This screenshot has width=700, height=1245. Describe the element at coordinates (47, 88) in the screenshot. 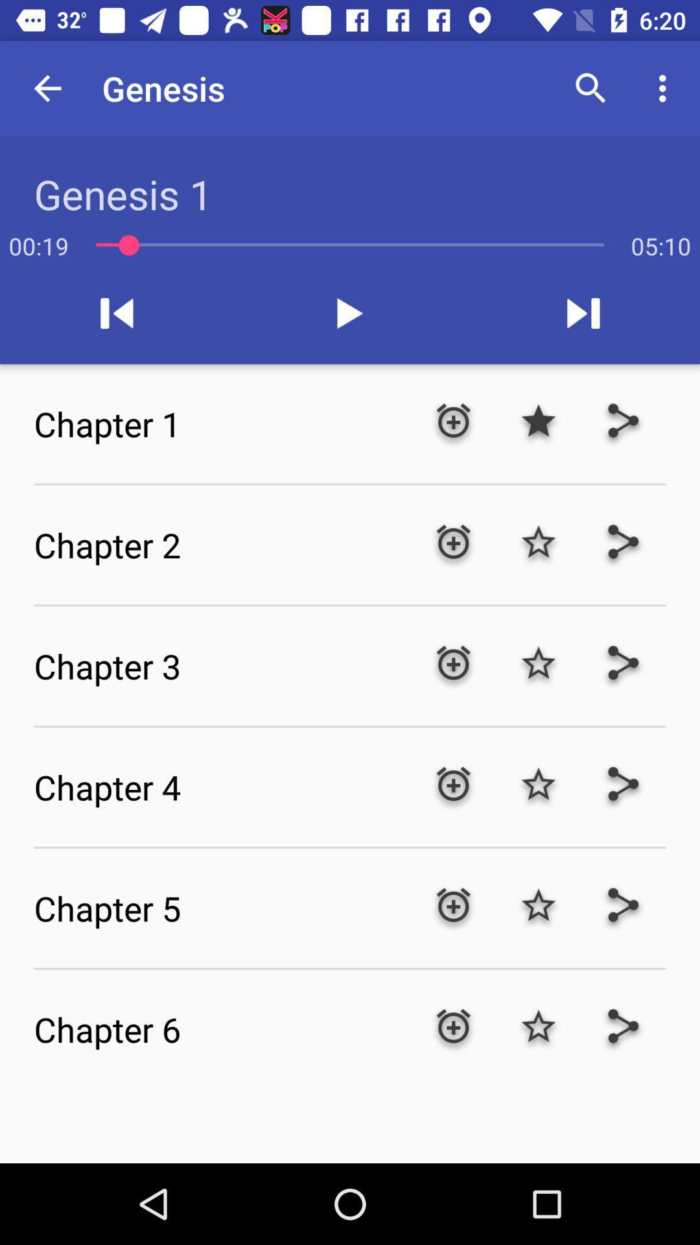

I see `item to the left of the genesis item` at that location.